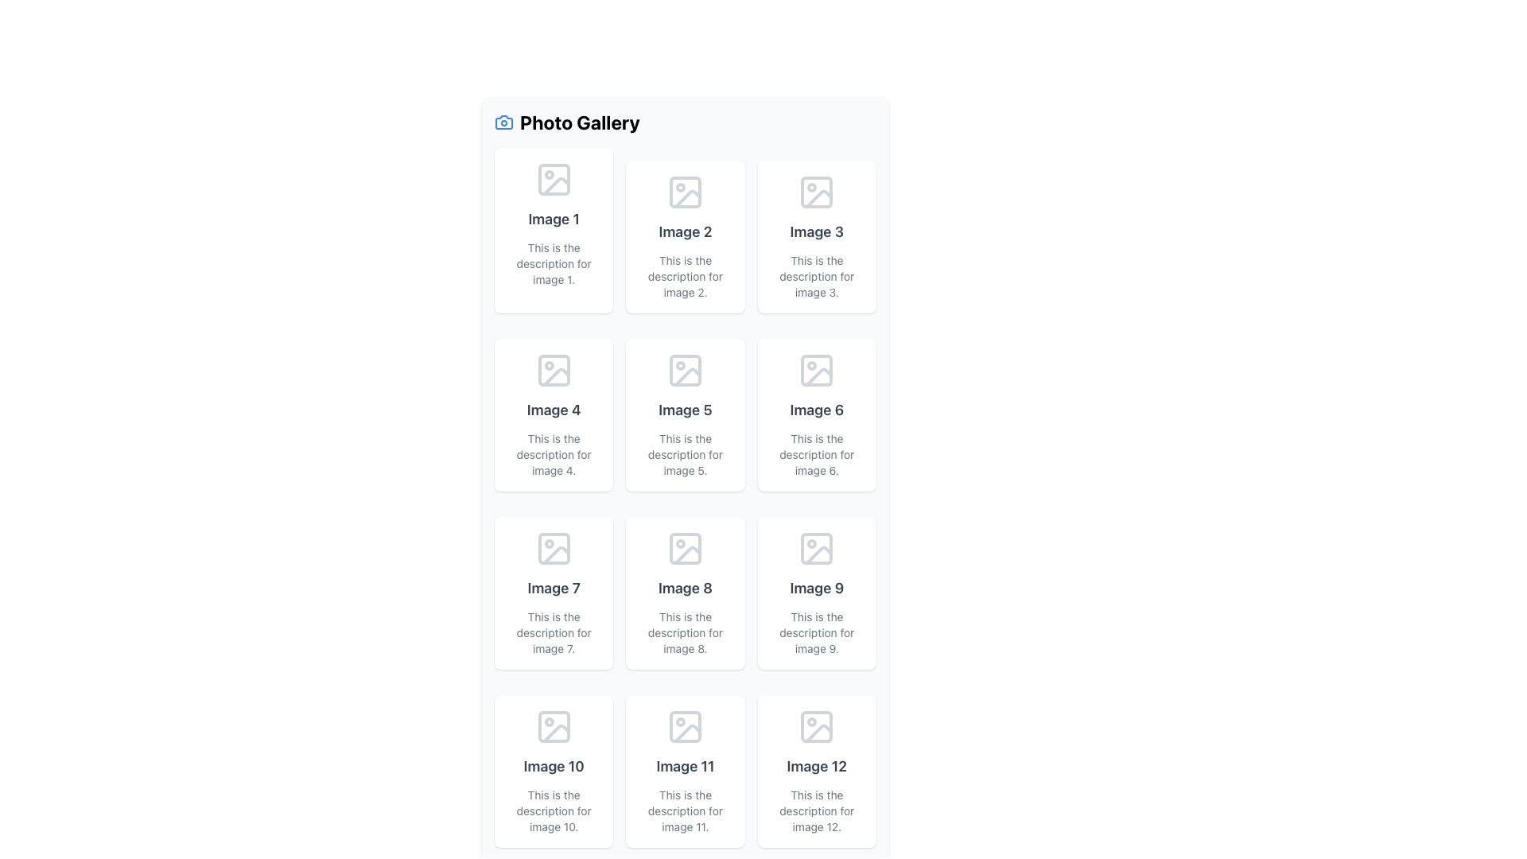 This screenshot has height=859, width=1527. Describe the element at coordinates (817, 727) in the screenshot. I see `the icon located in the last grid cell of the 'Photo Gallery', positioned above the text 'Image 12'` at that location.